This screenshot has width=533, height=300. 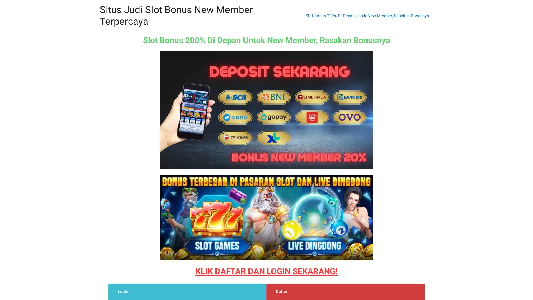 What do you see at coordinates (122, 291) in the screenshot?
I see `Login` at bounding box center [122, 291].